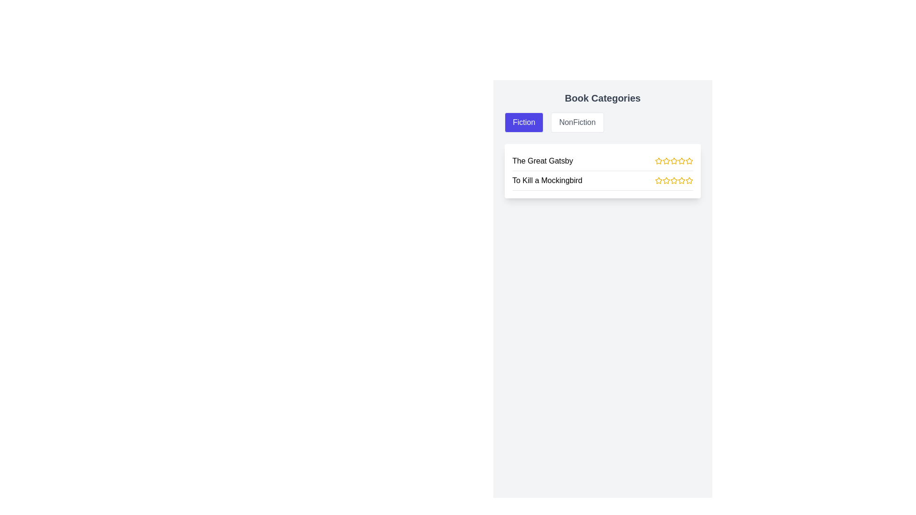 The width and height of the screenshot is (916, 515). What do you see at coordinates (673, 161) in the screenshot?
I see `the third star icon in the 5-star rating system for 'The Great Gatsby'` at bounding box center [673, 161].